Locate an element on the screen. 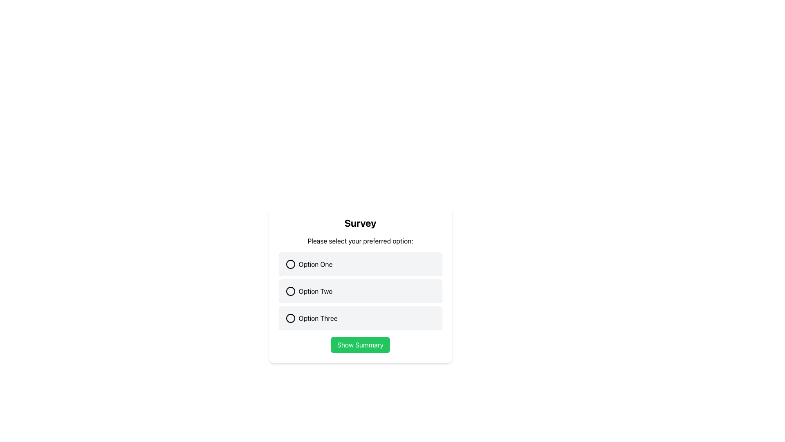  the first radio button in the survey section, which is currently disabled for interaction is located at coordinates (360, 264).